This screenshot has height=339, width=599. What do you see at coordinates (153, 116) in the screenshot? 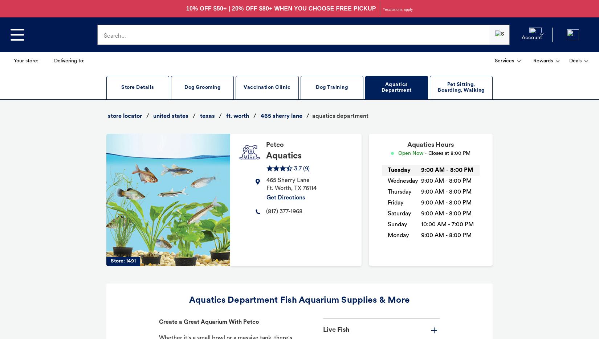
I see `'united states'` at bounding box center [153, 116].